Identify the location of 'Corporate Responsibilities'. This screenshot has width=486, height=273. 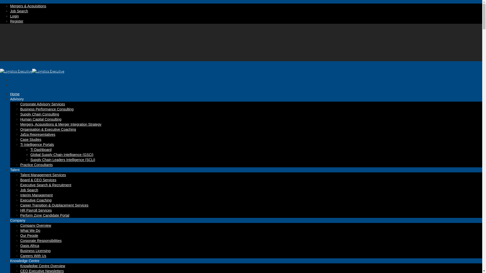
(20, 240).